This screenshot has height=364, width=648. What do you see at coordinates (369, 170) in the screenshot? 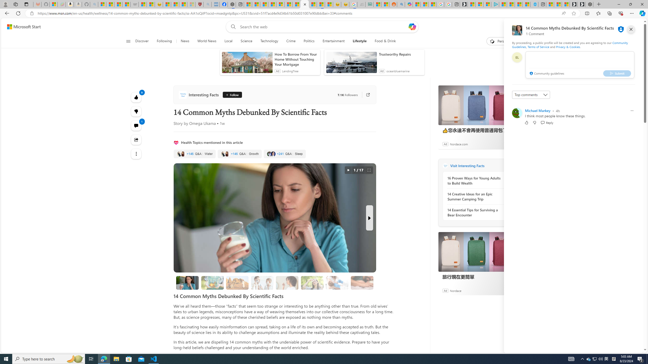
I see `'Full screen'` at bounding box center [369, 170].